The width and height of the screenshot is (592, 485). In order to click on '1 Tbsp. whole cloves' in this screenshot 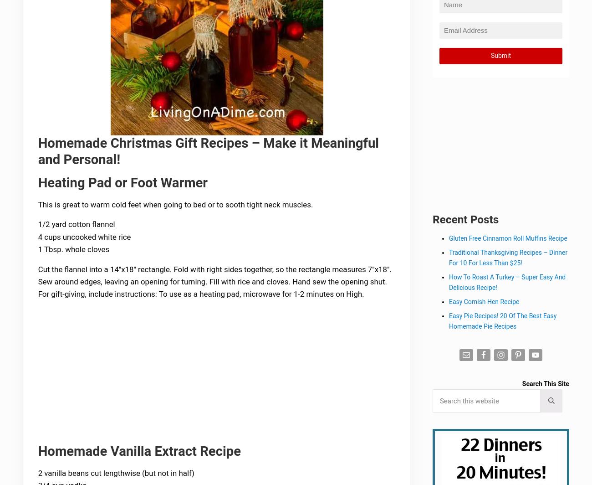, I will do `click(74, 250)`.